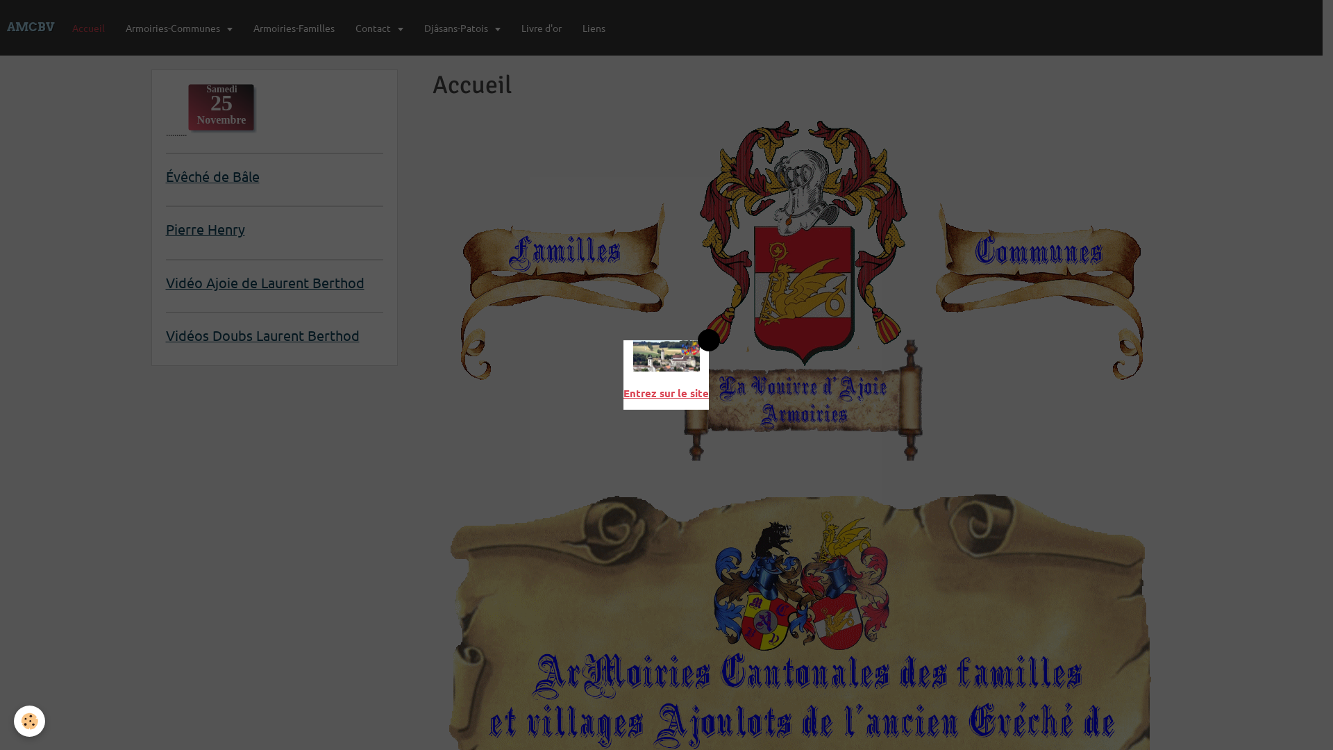  I want to click on 'Livre d'or', so click(540, 27).